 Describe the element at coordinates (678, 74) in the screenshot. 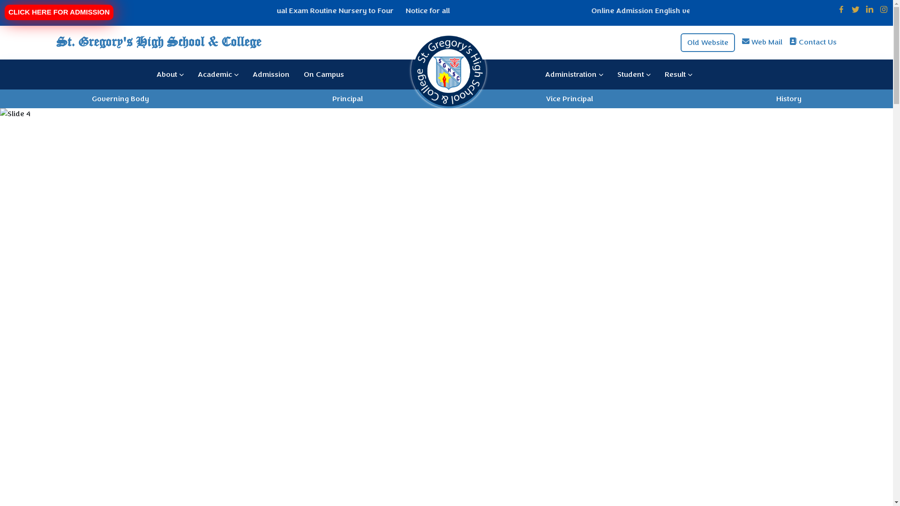

I see `'Result'` at that location.